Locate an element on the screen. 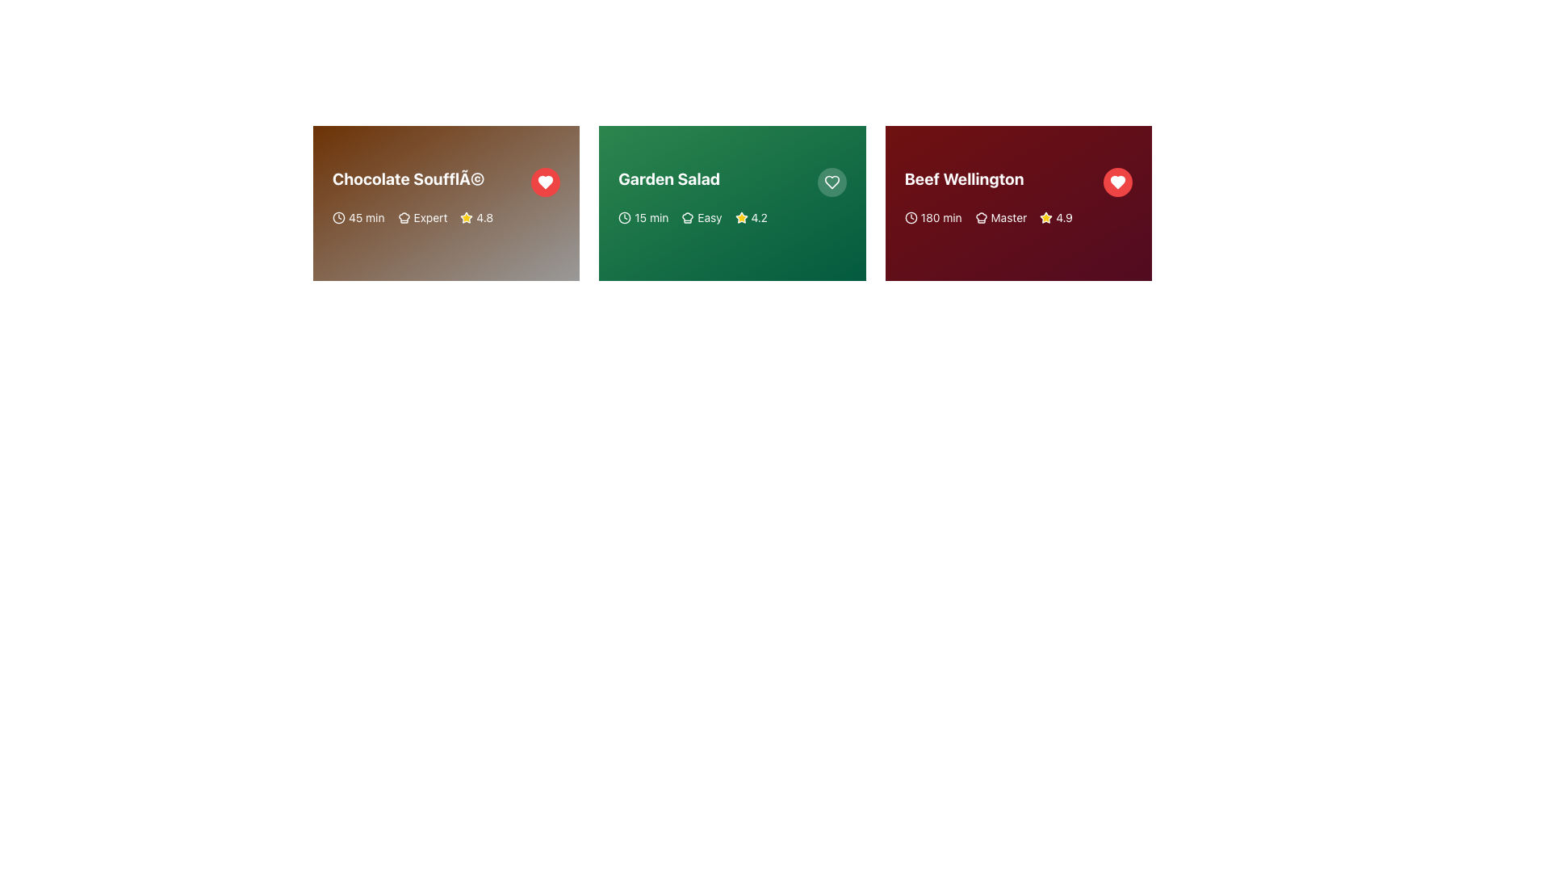 This screenshot has height=872, width=1550. the 'Master' difficulty level icon located in the 'Beef Wellington' card, positioned to the left of the text 'Master' is located at coordinates (980, 218).